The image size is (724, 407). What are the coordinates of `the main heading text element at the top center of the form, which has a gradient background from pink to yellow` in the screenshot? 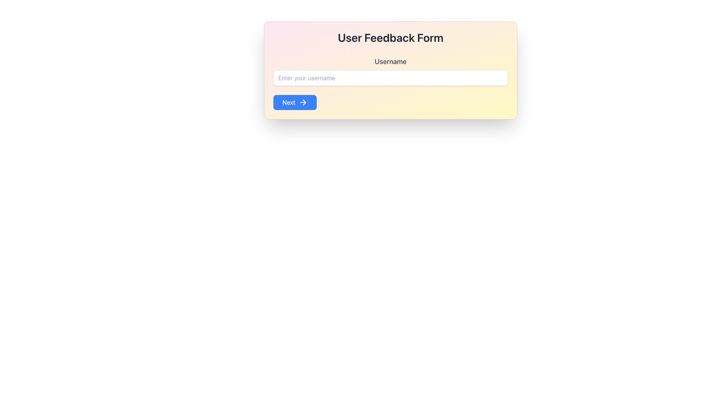 It's located at (391, 38).